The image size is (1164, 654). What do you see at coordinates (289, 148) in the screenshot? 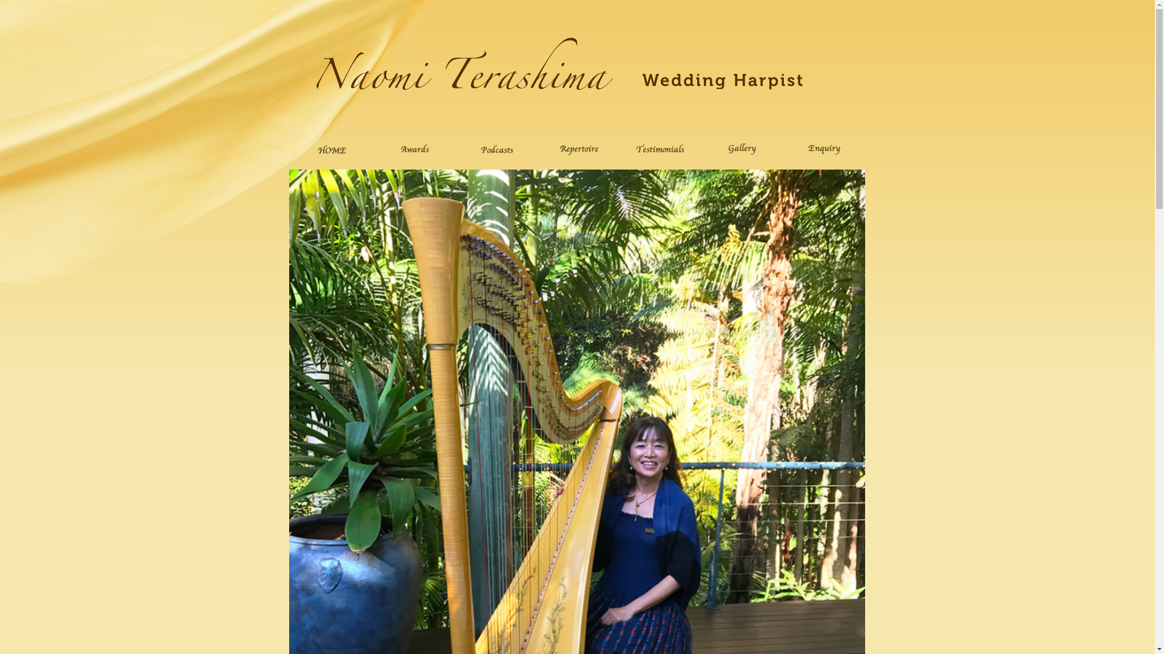
I see `'home'` at bounding box center [289, 148].